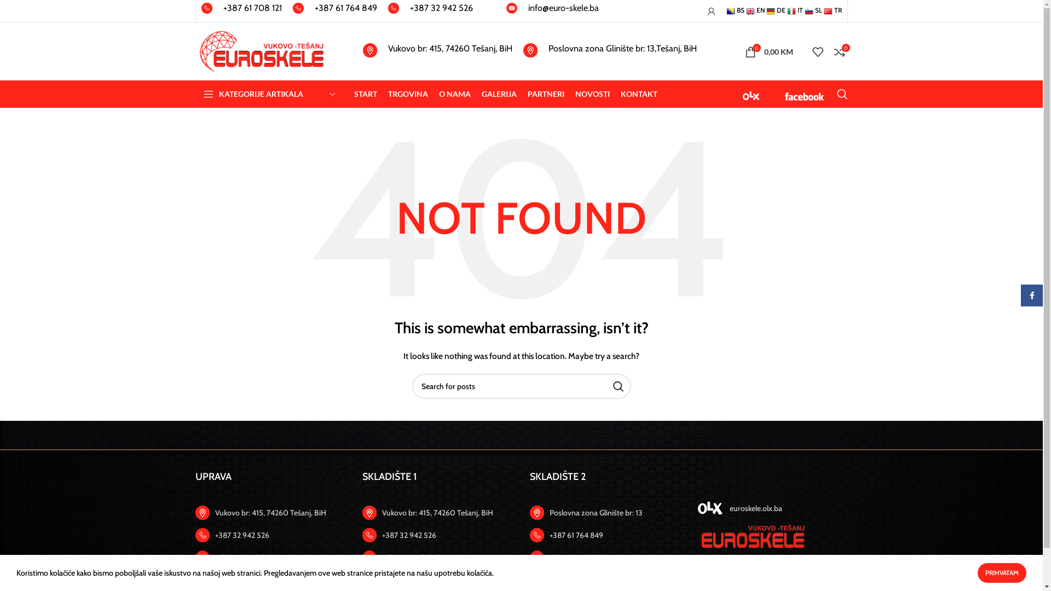 Image resolution: width=1051 pixels, height=591 pixels. I want to click on 'DE', so click(775, 10).